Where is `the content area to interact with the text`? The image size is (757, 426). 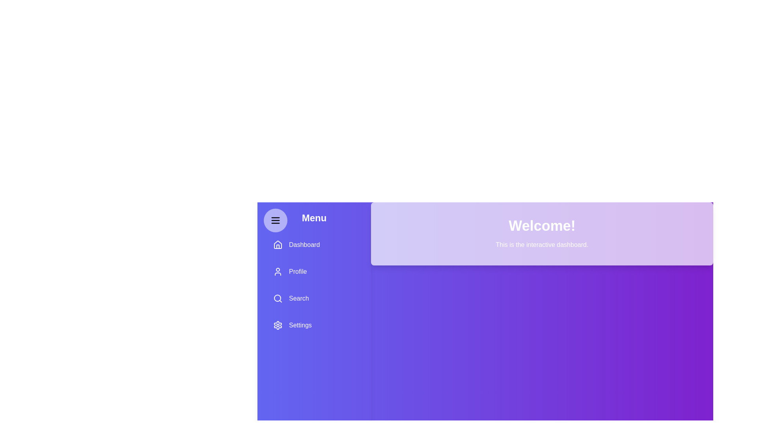
the content area to interact with the text is located at coordinates (541, 245).